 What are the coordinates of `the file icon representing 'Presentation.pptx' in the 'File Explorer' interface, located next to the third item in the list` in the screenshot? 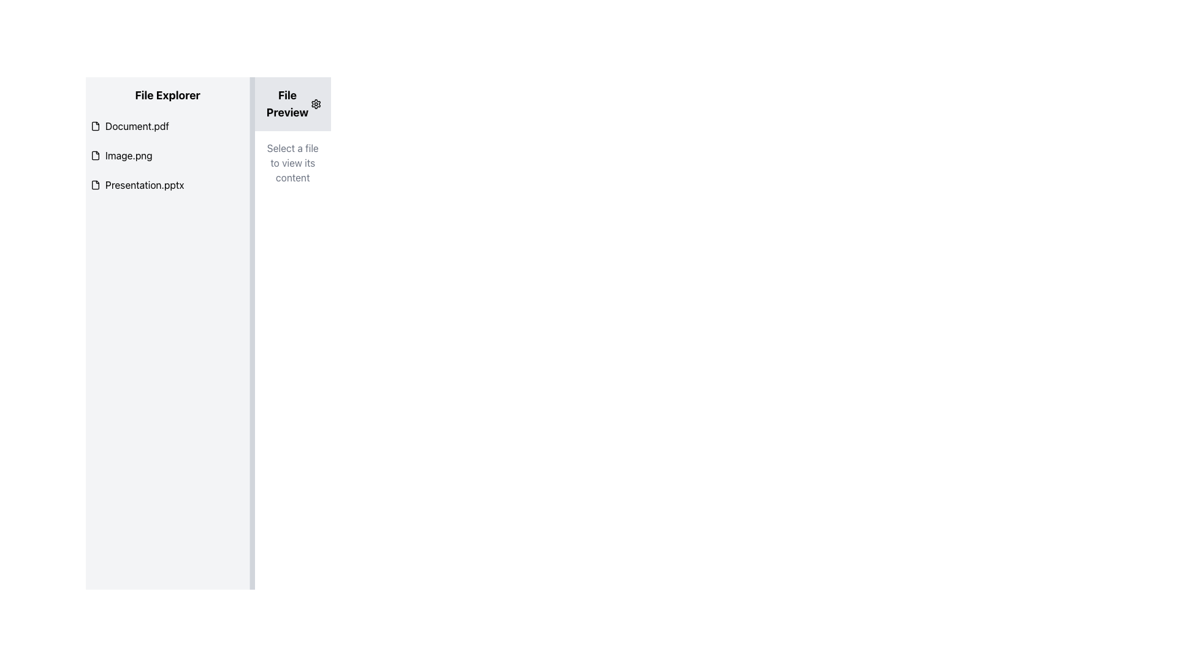 It's located at (95, 185).